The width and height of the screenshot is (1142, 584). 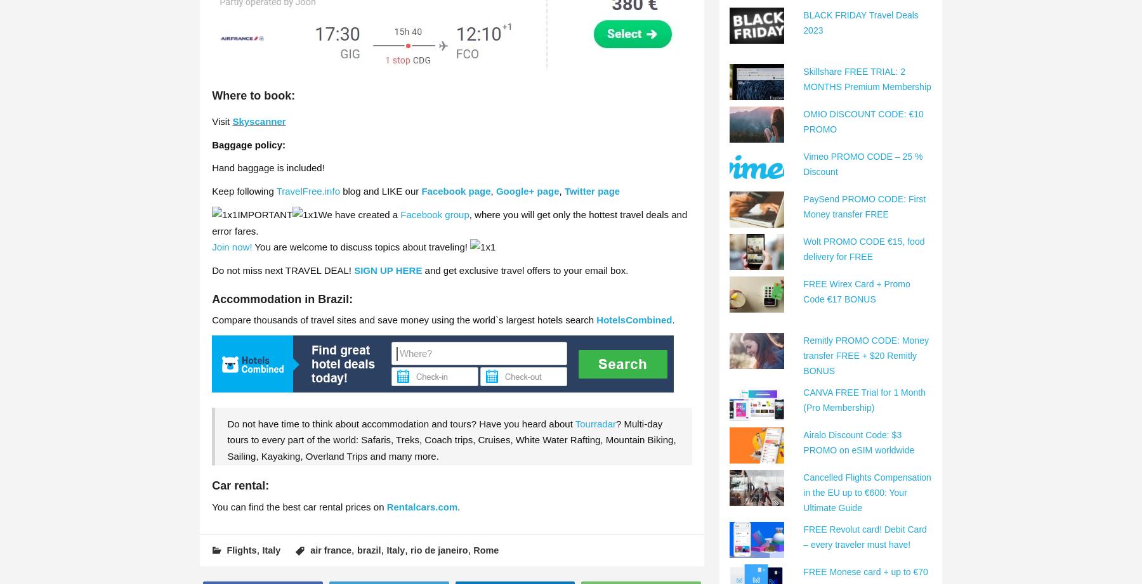 I want to click on 'Twitter page', so click(x=564, y=190).